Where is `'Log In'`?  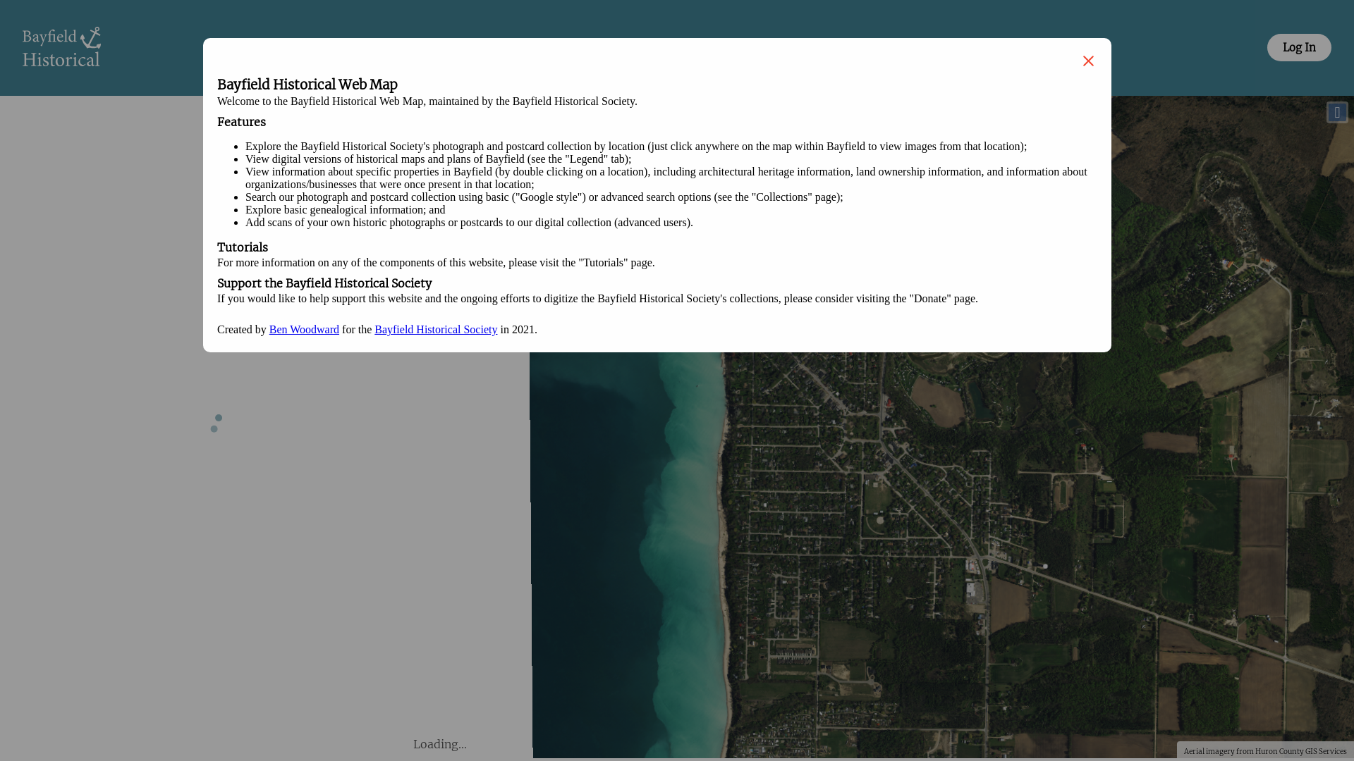 'Log In' is located at coordinates (1298, 47).